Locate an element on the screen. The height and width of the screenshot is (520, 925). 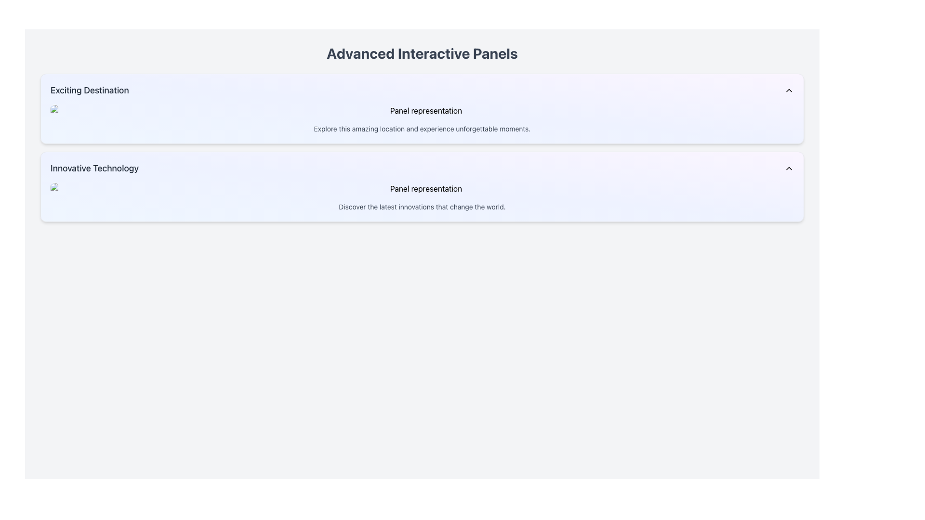
the prominent bold title styled as a heading is located at coordinates (422, 53).